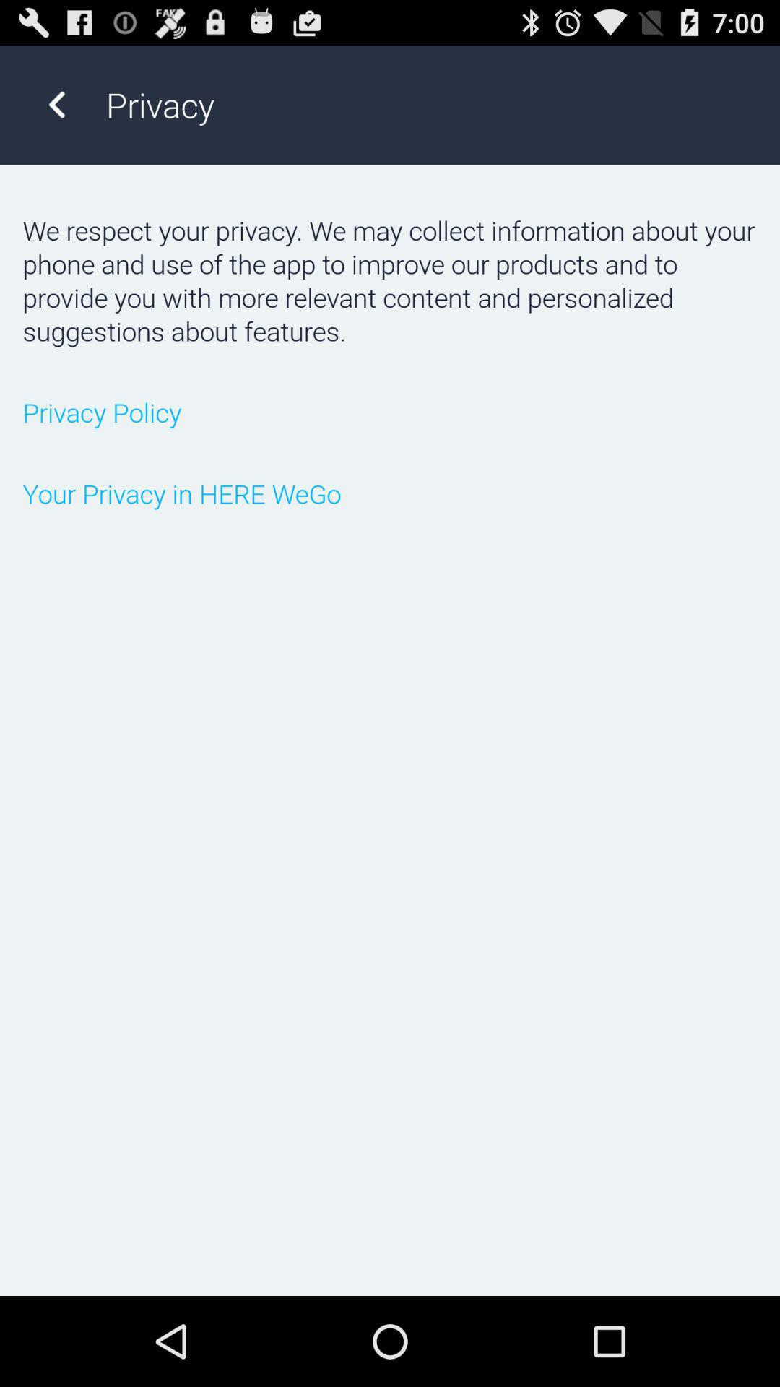  I want to click on item at the top left corner, so click(56, 104).